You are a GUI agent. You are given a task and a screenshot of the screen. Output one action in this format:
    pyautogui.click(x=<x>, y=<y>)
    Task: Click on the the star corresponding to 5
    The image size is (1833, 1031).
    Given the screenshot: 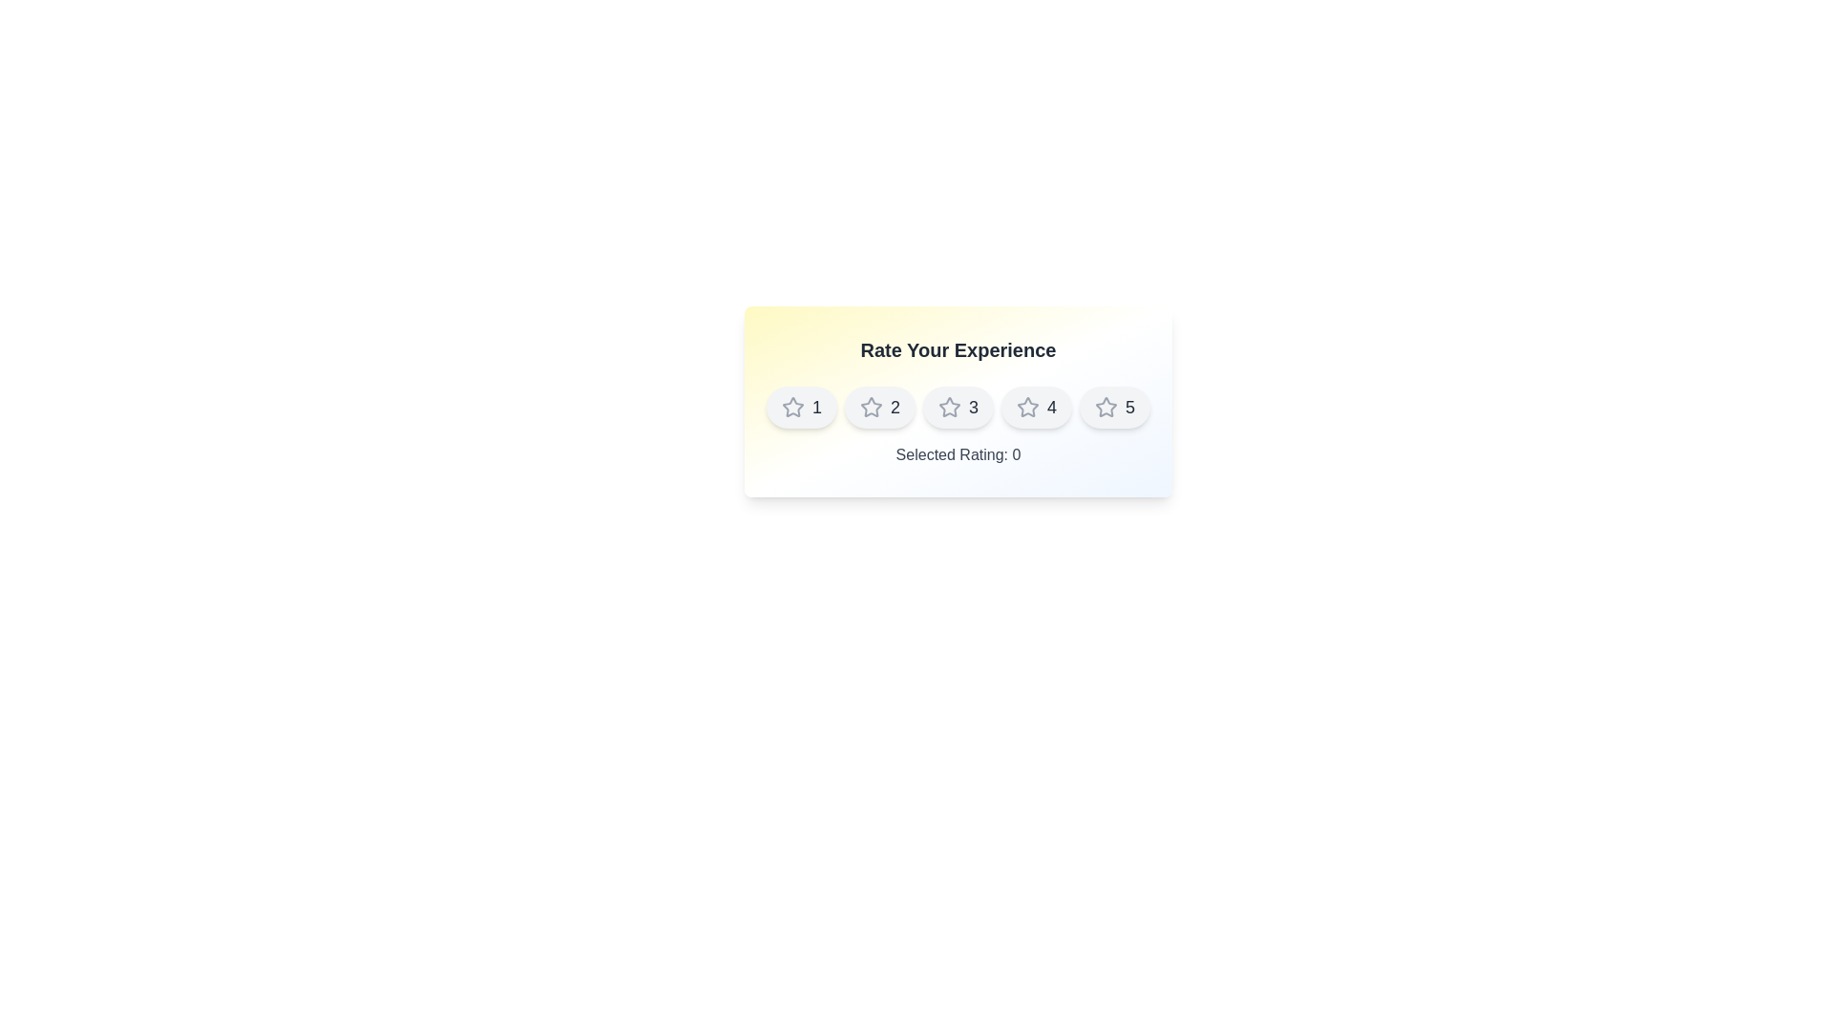 What is the action you would take?
    pyautogui.click(x=1115, y=407)
    